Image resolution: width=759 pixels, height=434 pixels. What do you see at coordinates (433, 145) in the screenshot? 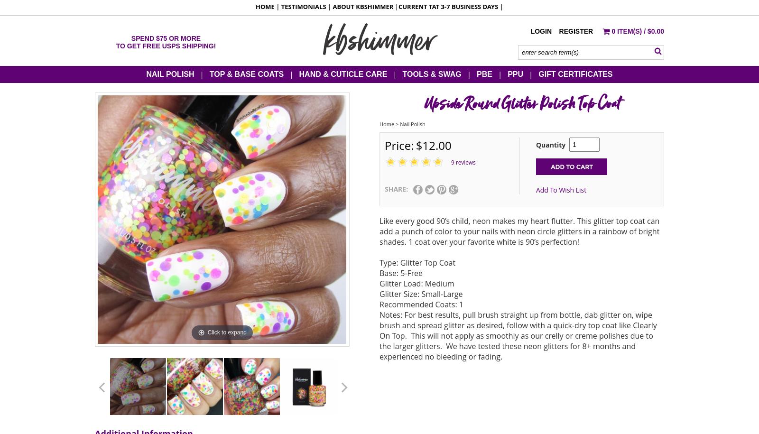
I see `'$12.00'` at bounding box center [433, 145].